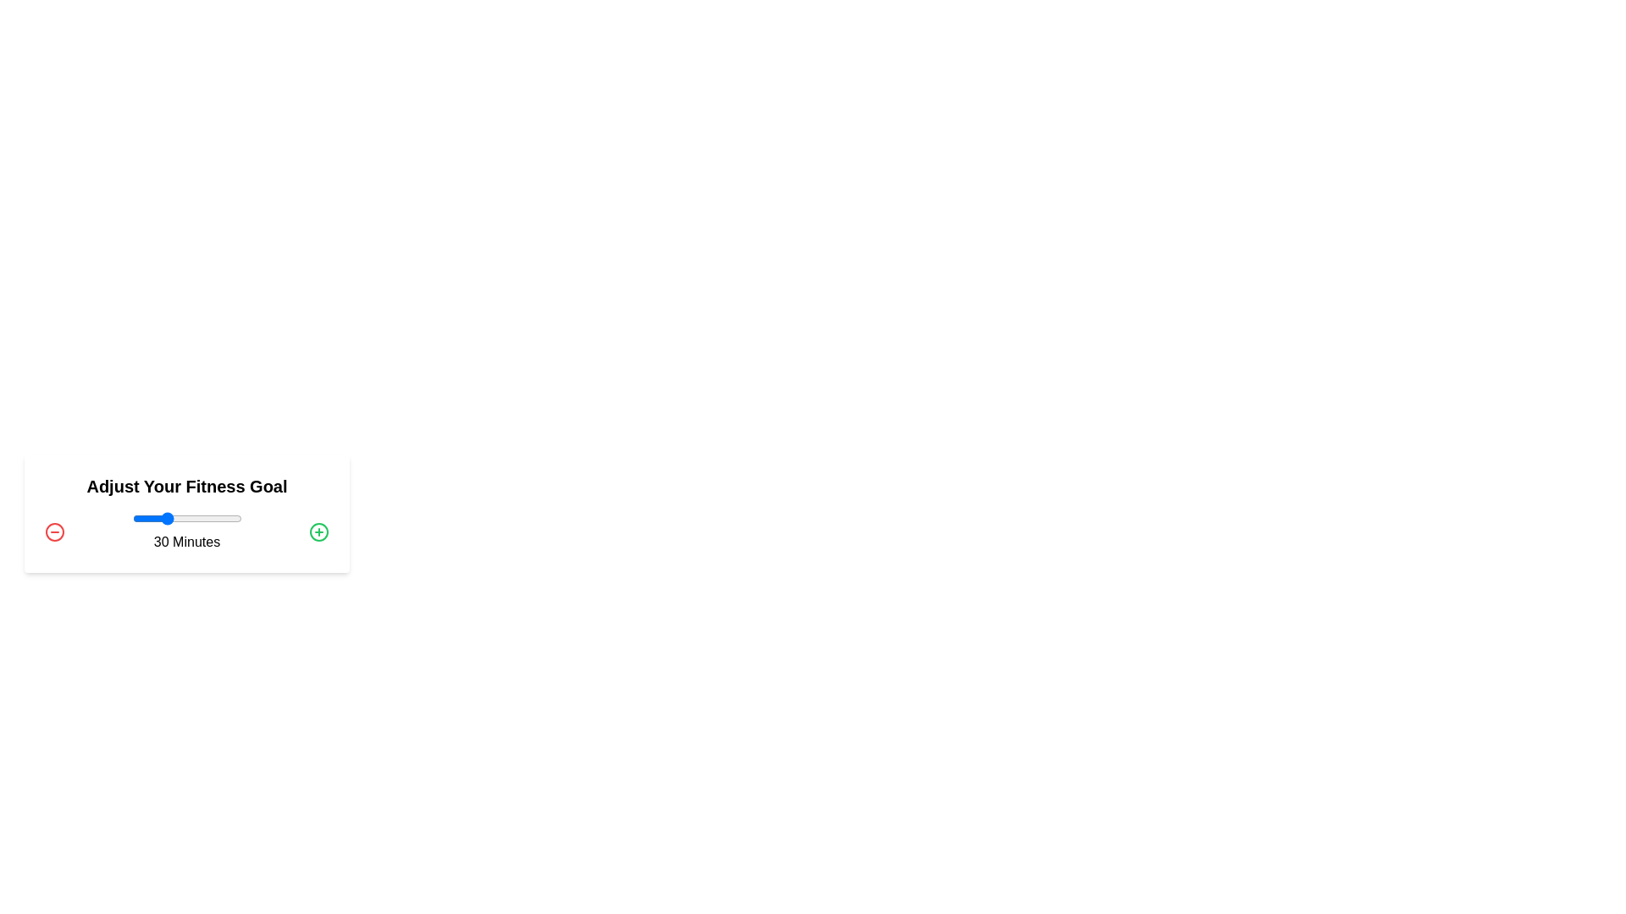 The image size is (1626, 914). Describe the element at coordinates (200, 518) in the screenshot. I see `the slider` at that location.